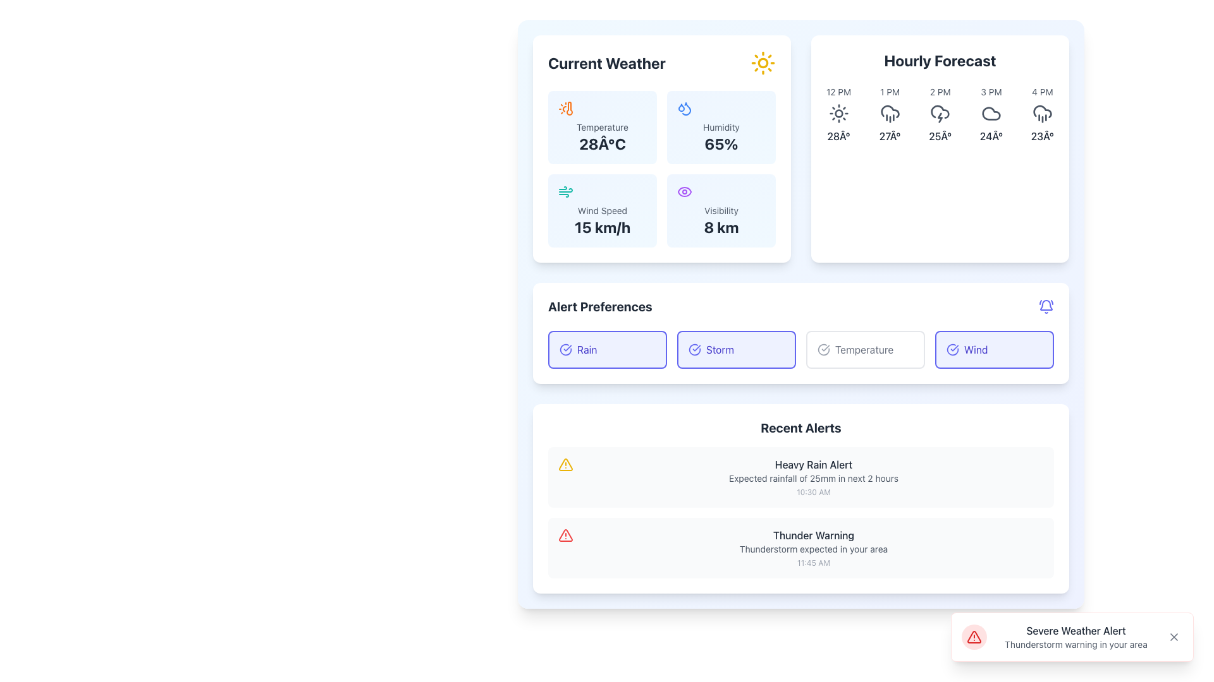 This screenshot has width=1214, height=682. What do you see at coordinates (800, 547) in the screenshot?
I see `the Notification Card icon` at bounding box center [800, 547].